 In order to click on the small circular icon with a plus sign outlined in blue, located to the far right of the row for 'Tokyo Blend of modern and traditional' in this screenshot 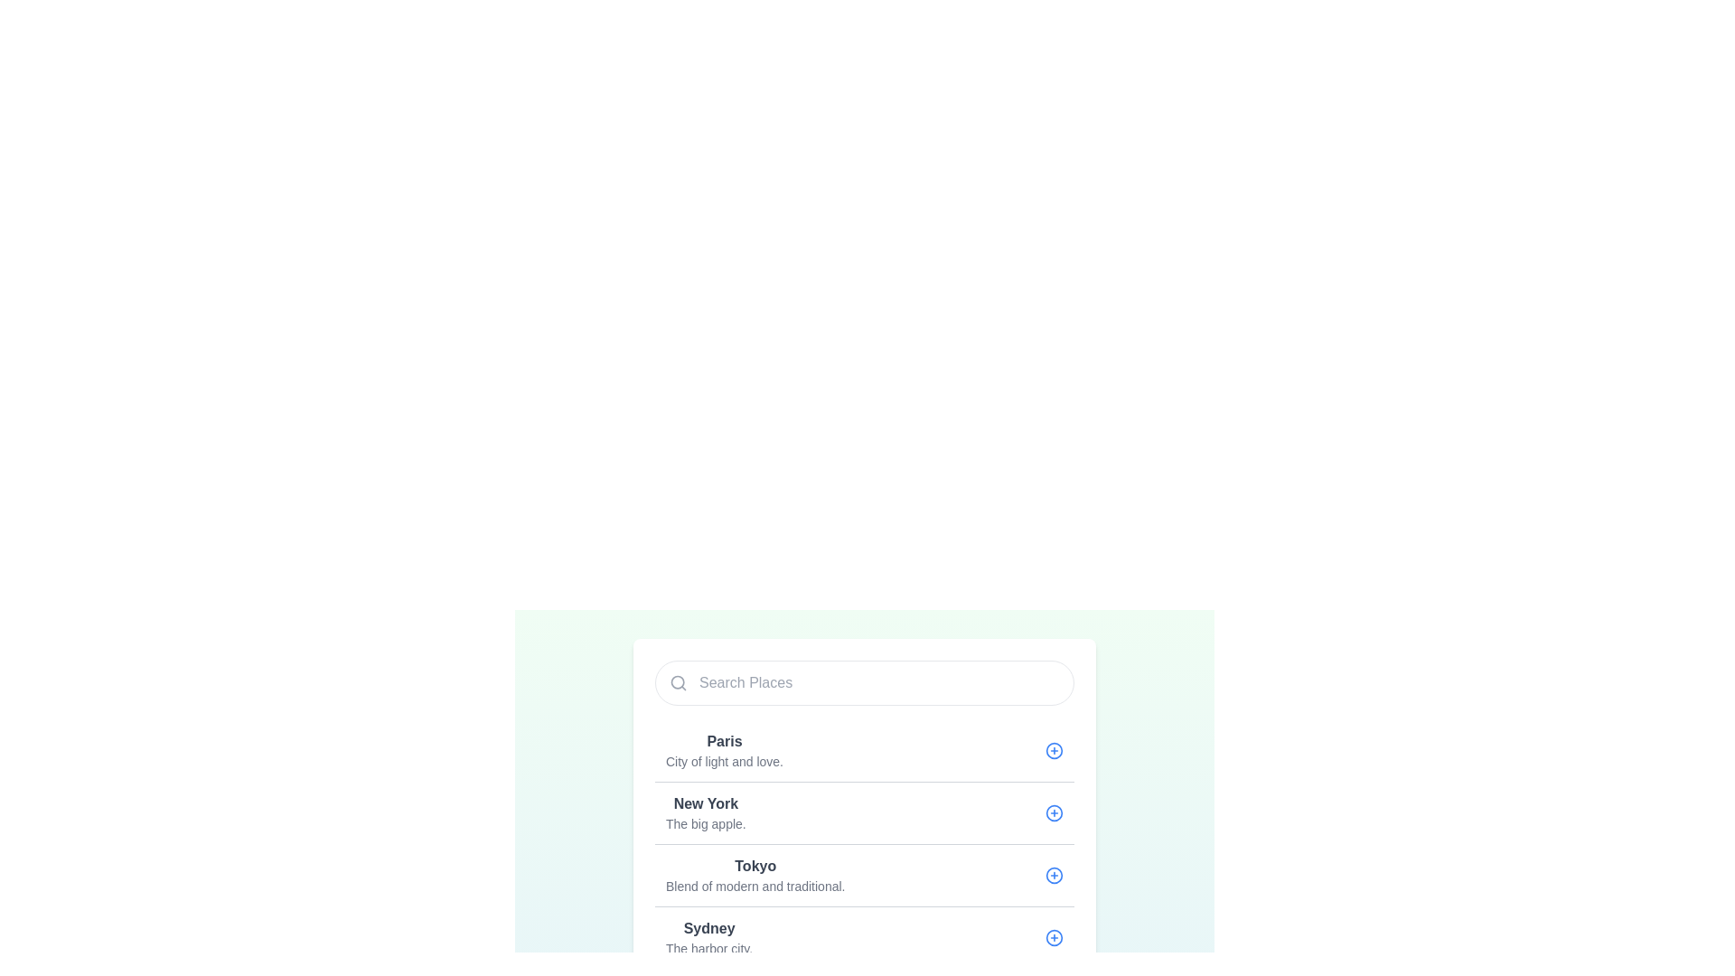, I will do `click(1054, 874)`.